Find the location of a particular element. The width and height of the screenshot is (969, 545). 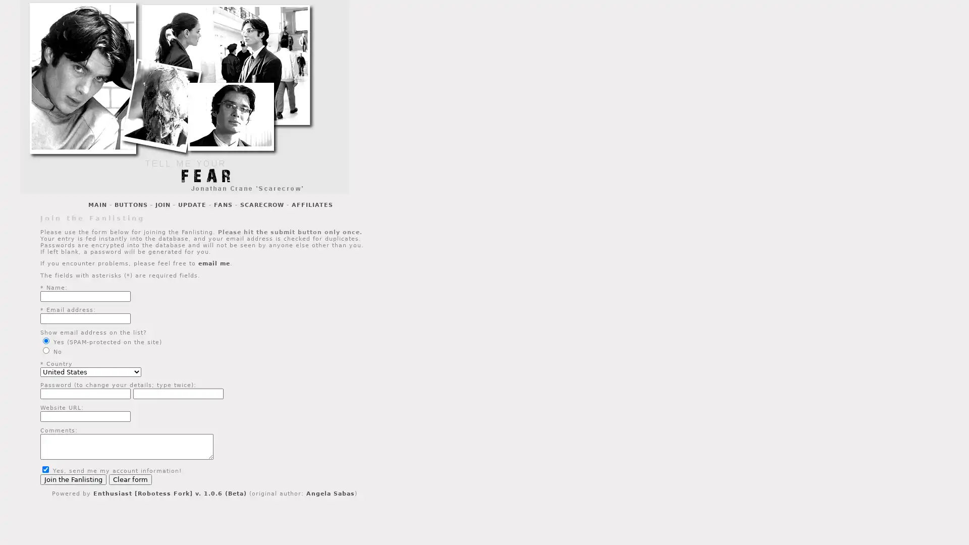

Clear form is located at coordinates (130, 479).